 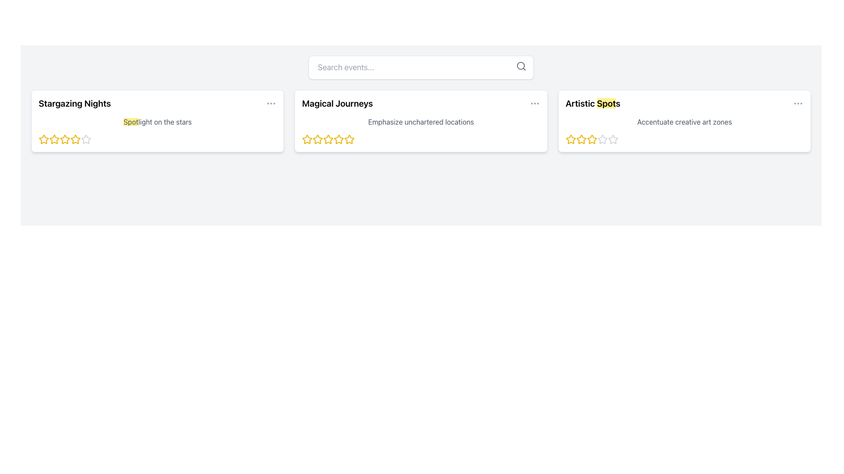 I want to click on the Text Display element providing descriptive information about 'Stargazing Nights', located below the title and above the star icons, so click(x=157, y=122).